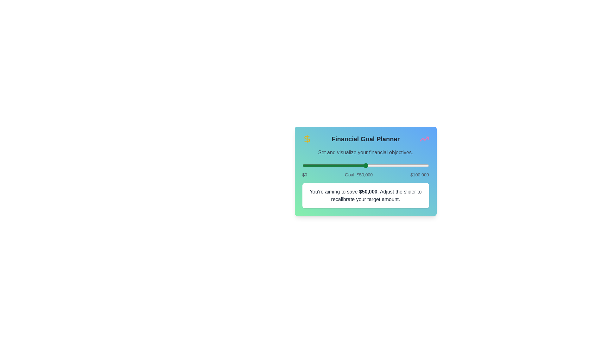 The height and width of the screenshot is (342, 608). I want to click on the slider to set the financial goal to 26604 dollars, so click(335, 165).